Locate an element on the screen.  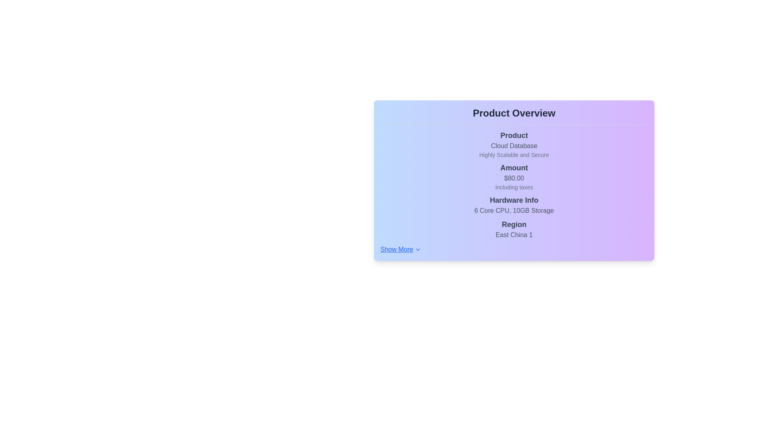
the Text Label that displays hardware specifics, located under the 'Hardware Info' heading is located at coordinates (514, 210).